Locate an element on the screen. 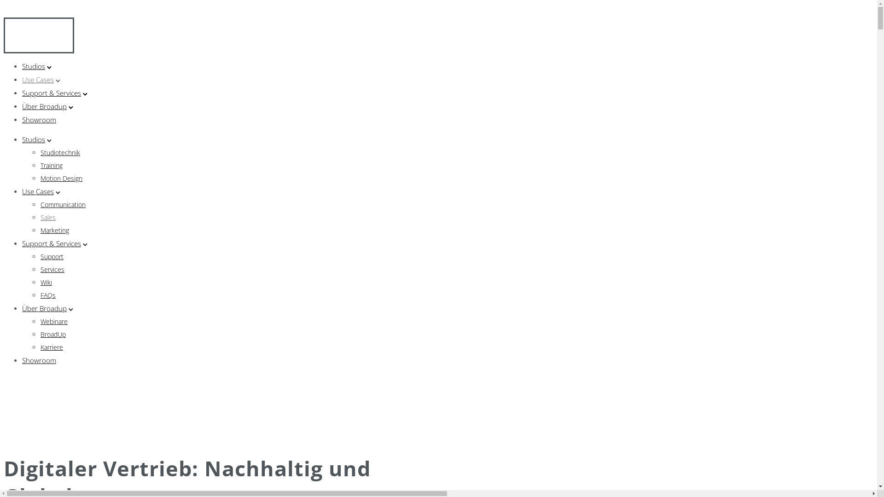 The height and width of the screenshot is (497, 884). 'Showroom' is located at coordinates (39, 119).